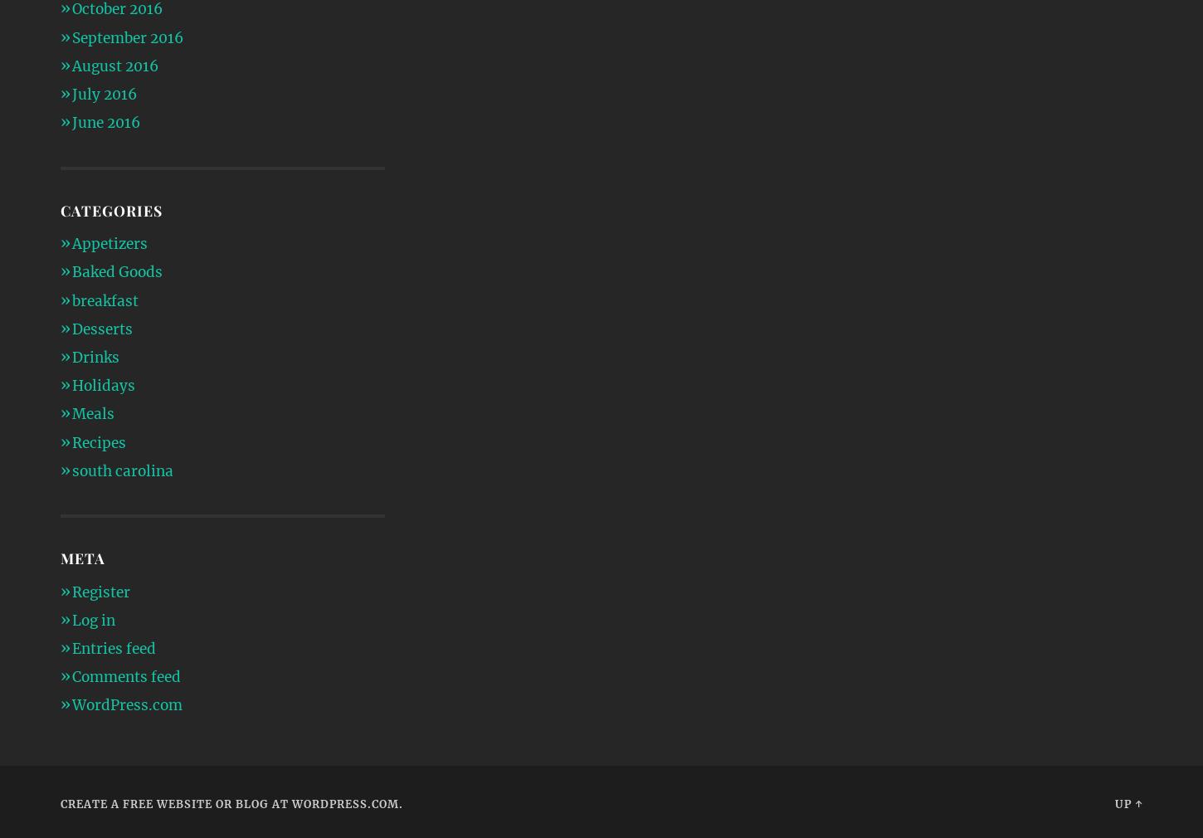 Image resolution: width=1203 pixels, height=838 pixels. Describe the element at coordinates (105, 121) in the screenshot. I see `'June 2016'` at that location.